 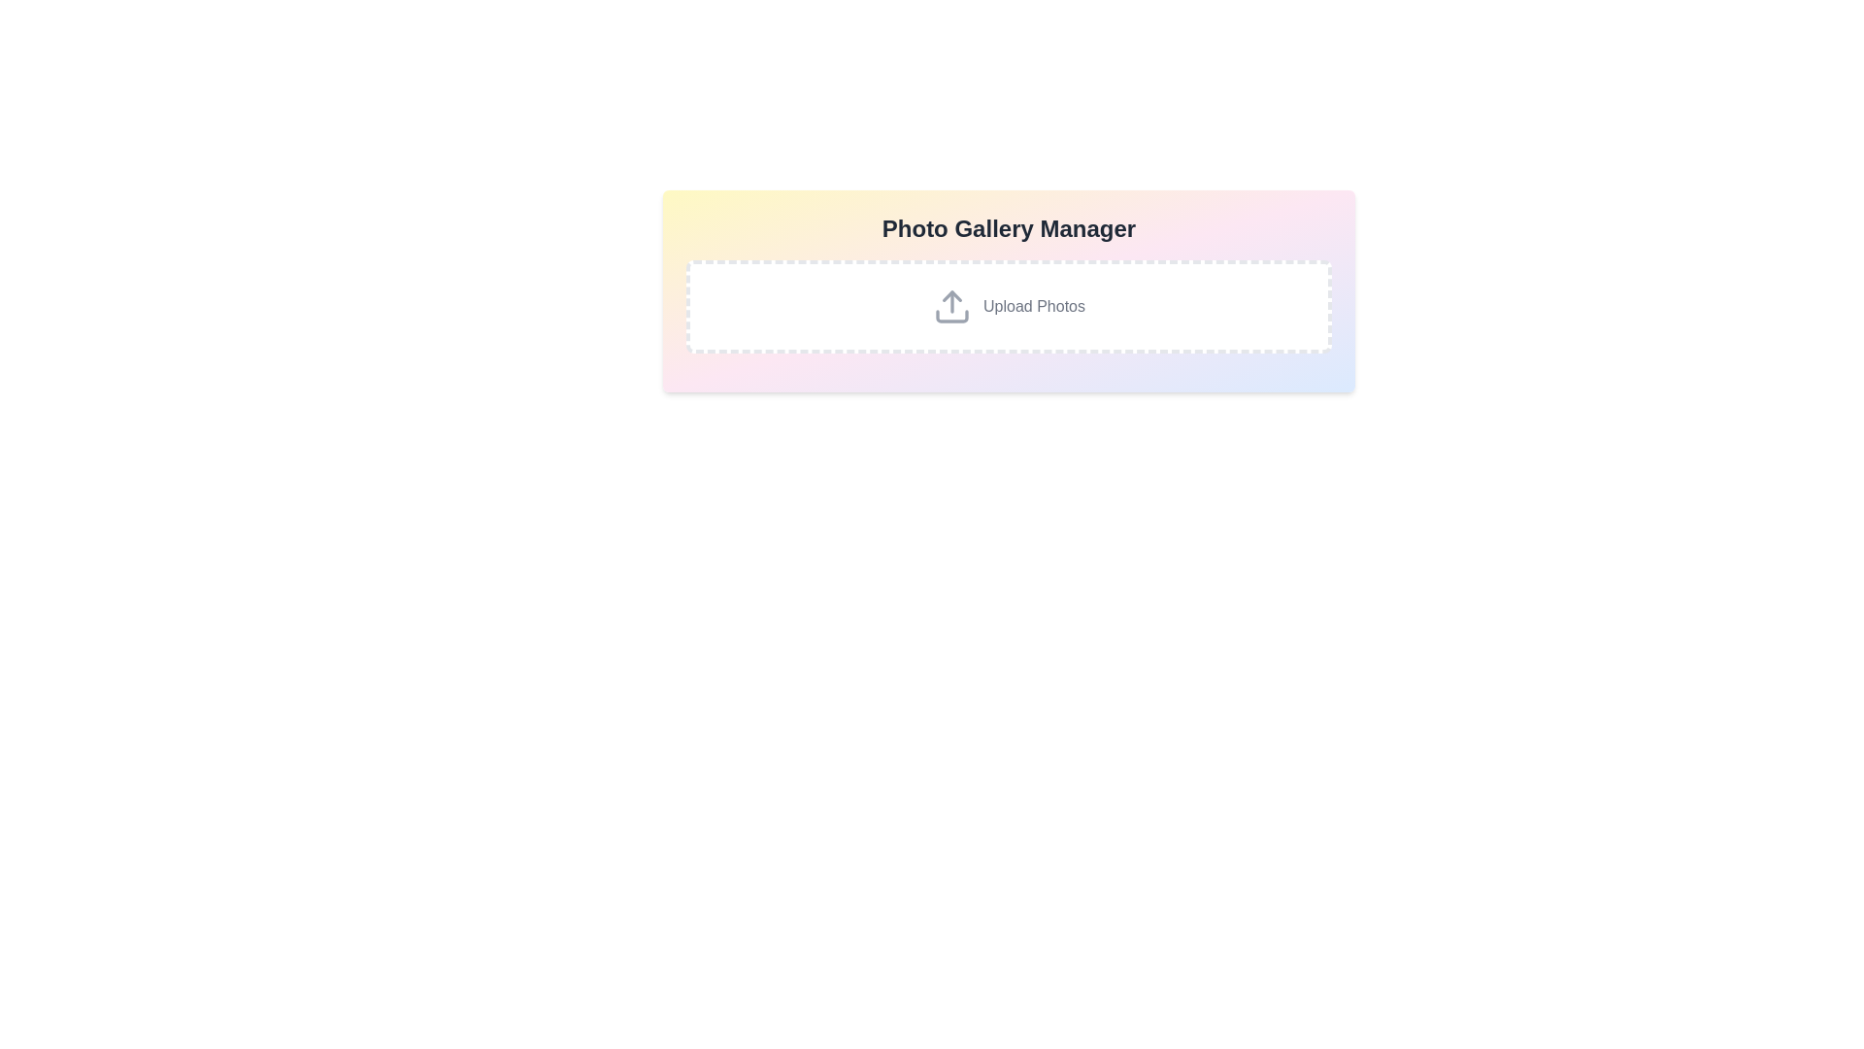 I want to click on the upward-pointing arrow icon with a thin outline and soft gray color scheme, located to the left of the 'Upload Photos' text, so click(x=951, y=306).